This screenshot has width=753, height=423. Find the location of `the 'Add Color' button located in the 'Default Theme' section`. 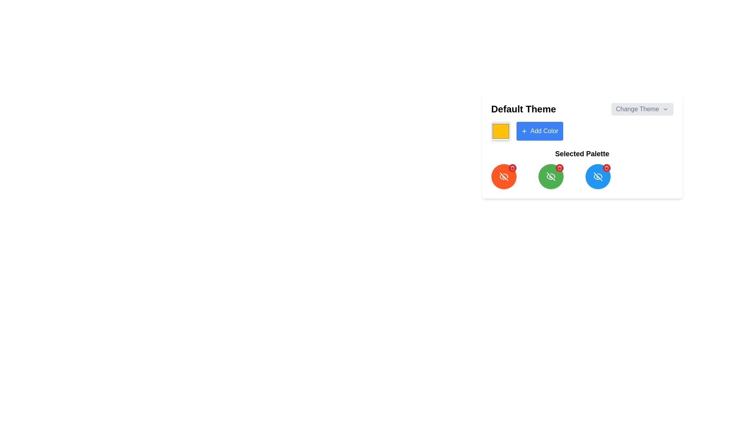

the 'Add Color' button located in the 'Default Theme' section is located at coordinates (544, 131).